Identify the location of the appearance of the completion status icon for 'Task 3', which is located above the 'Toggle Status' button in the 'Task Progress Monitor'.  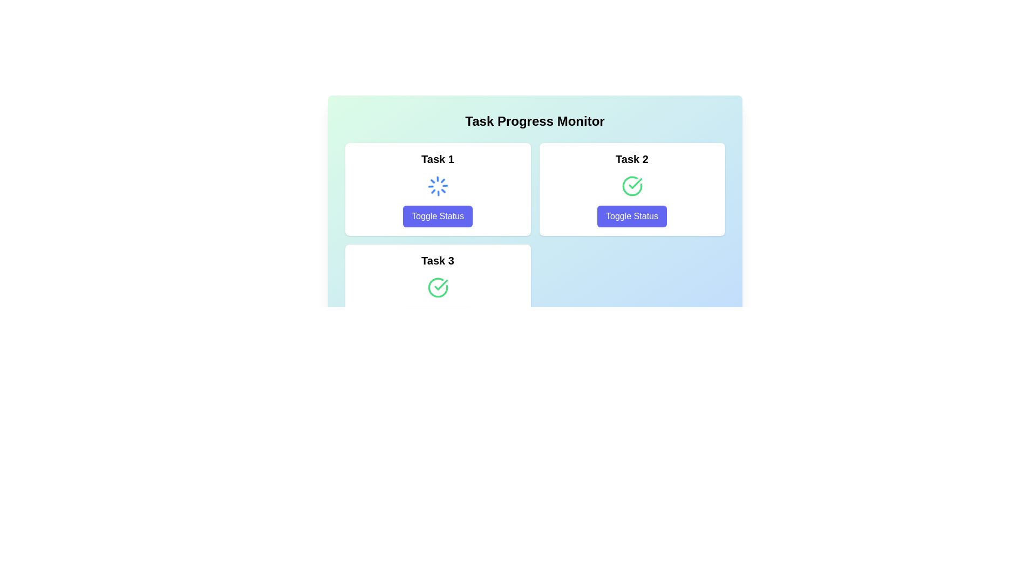
(438, 287).